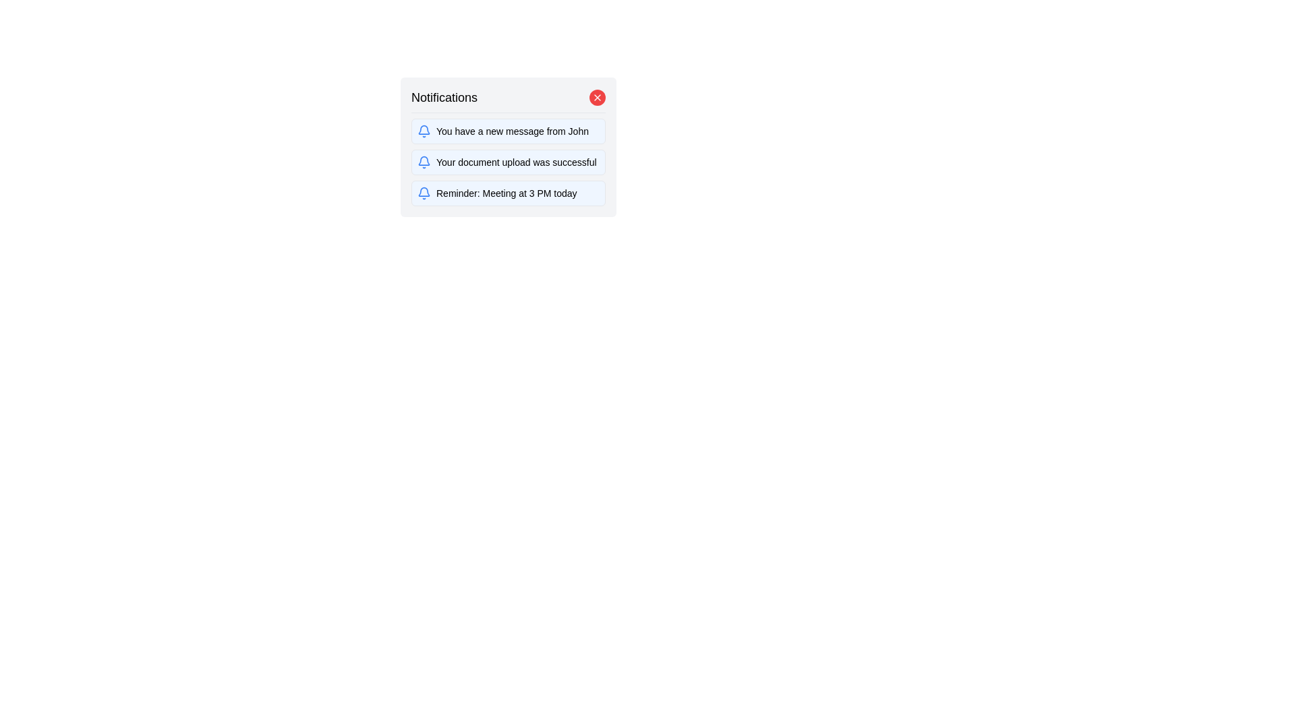  What do you see at coordinates (507, 131) in the screenshot?
I see `notification text that says, 'You have a new message from John,' from the first notification item in the notification list, which has a light blue background and a blue notification bell icon on its left` at bounding box center [507, 131].